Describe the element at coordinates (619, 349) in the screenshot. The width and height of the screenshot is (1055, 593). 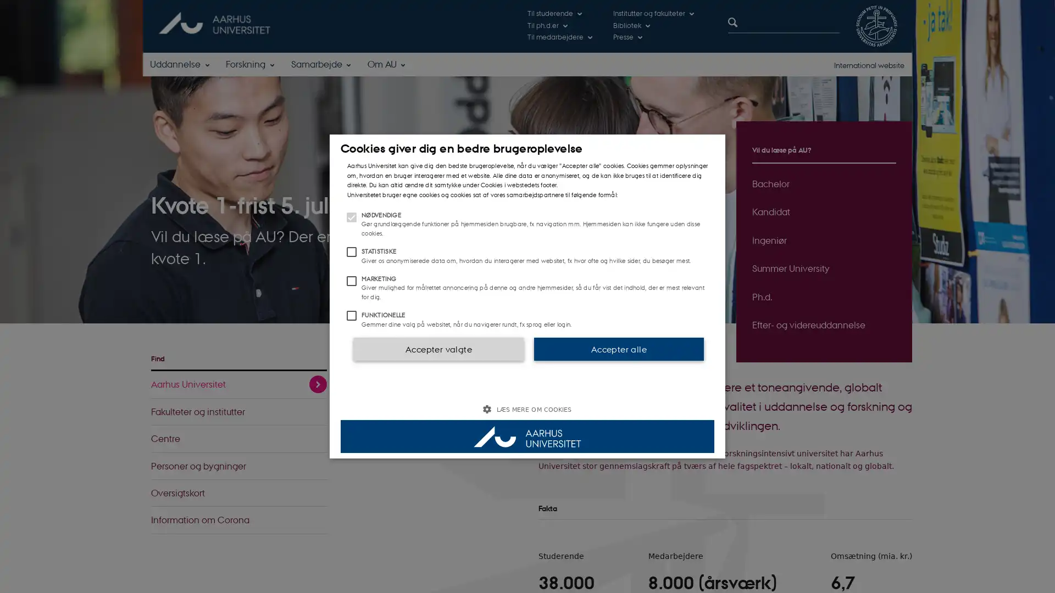
I see `Accepter alle` at that location.